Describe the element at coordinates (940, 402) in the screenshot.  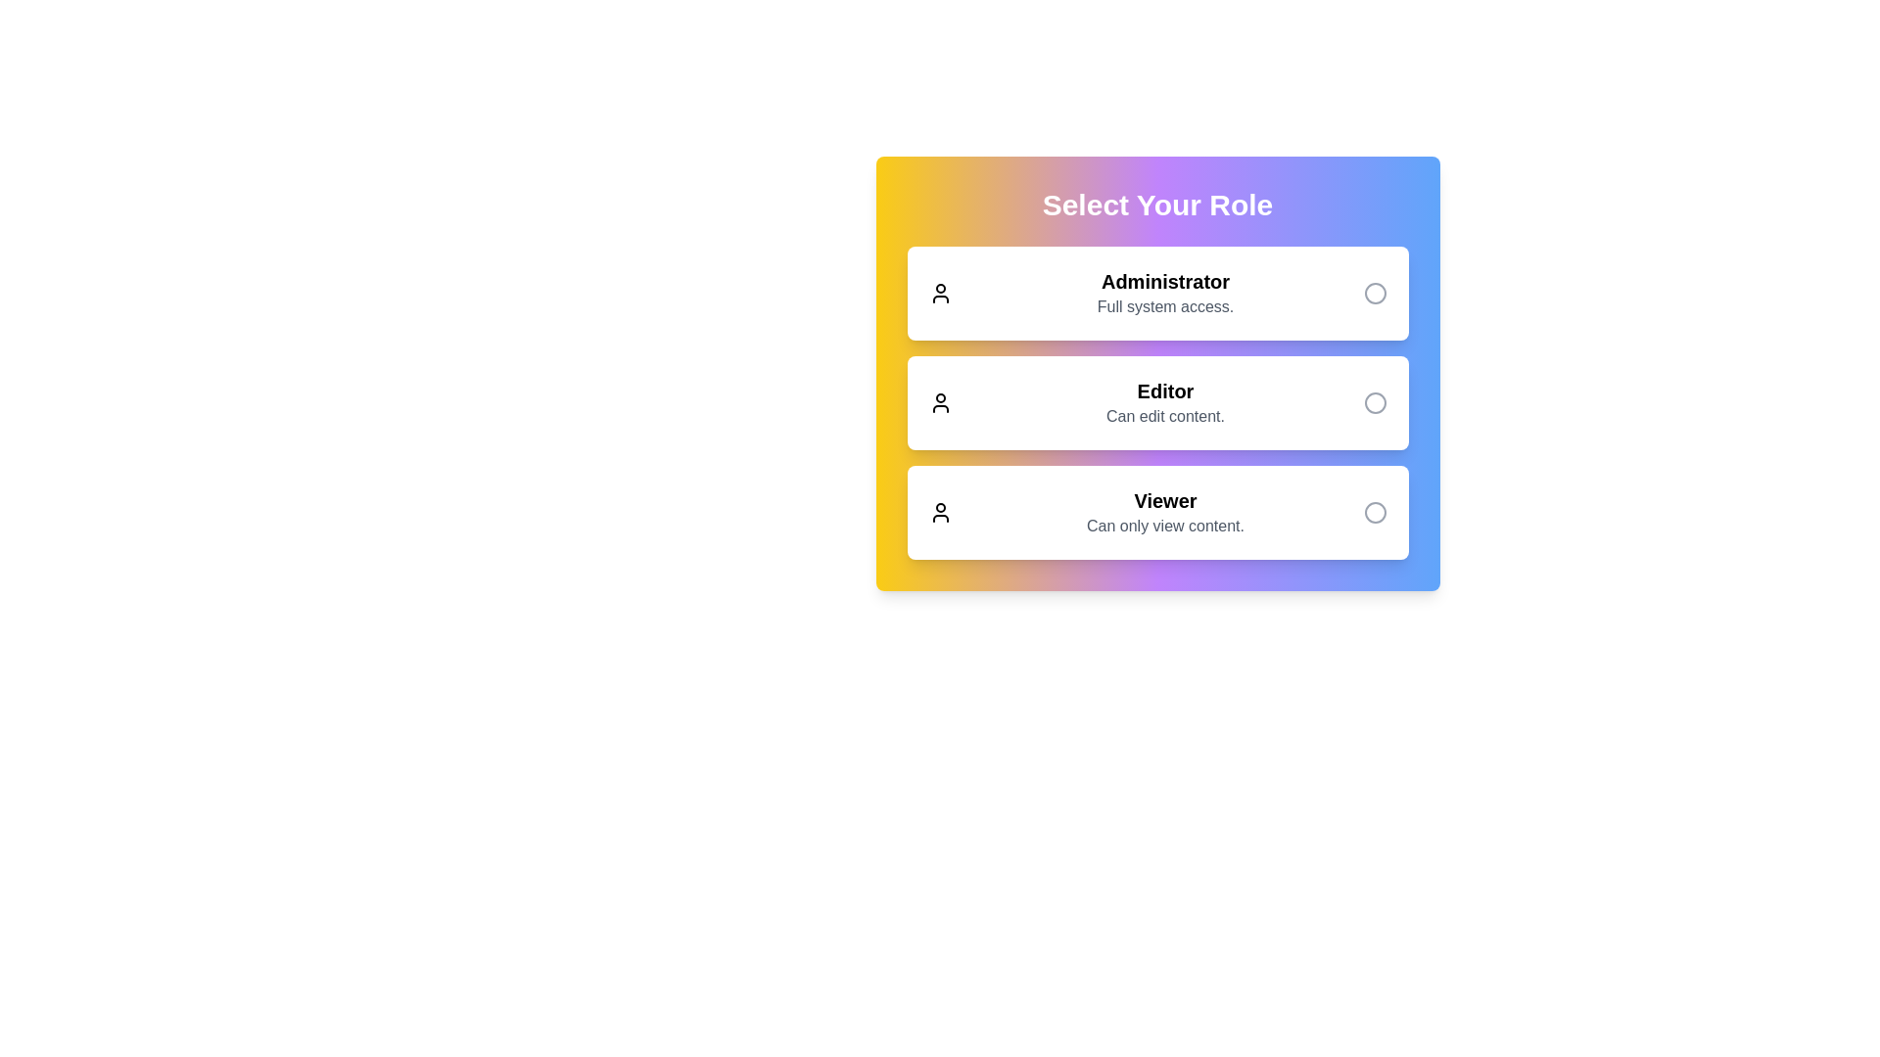
I see `the icon located to the left of the 'Editor' selectable box, which indicates user-related concepts` at that location.